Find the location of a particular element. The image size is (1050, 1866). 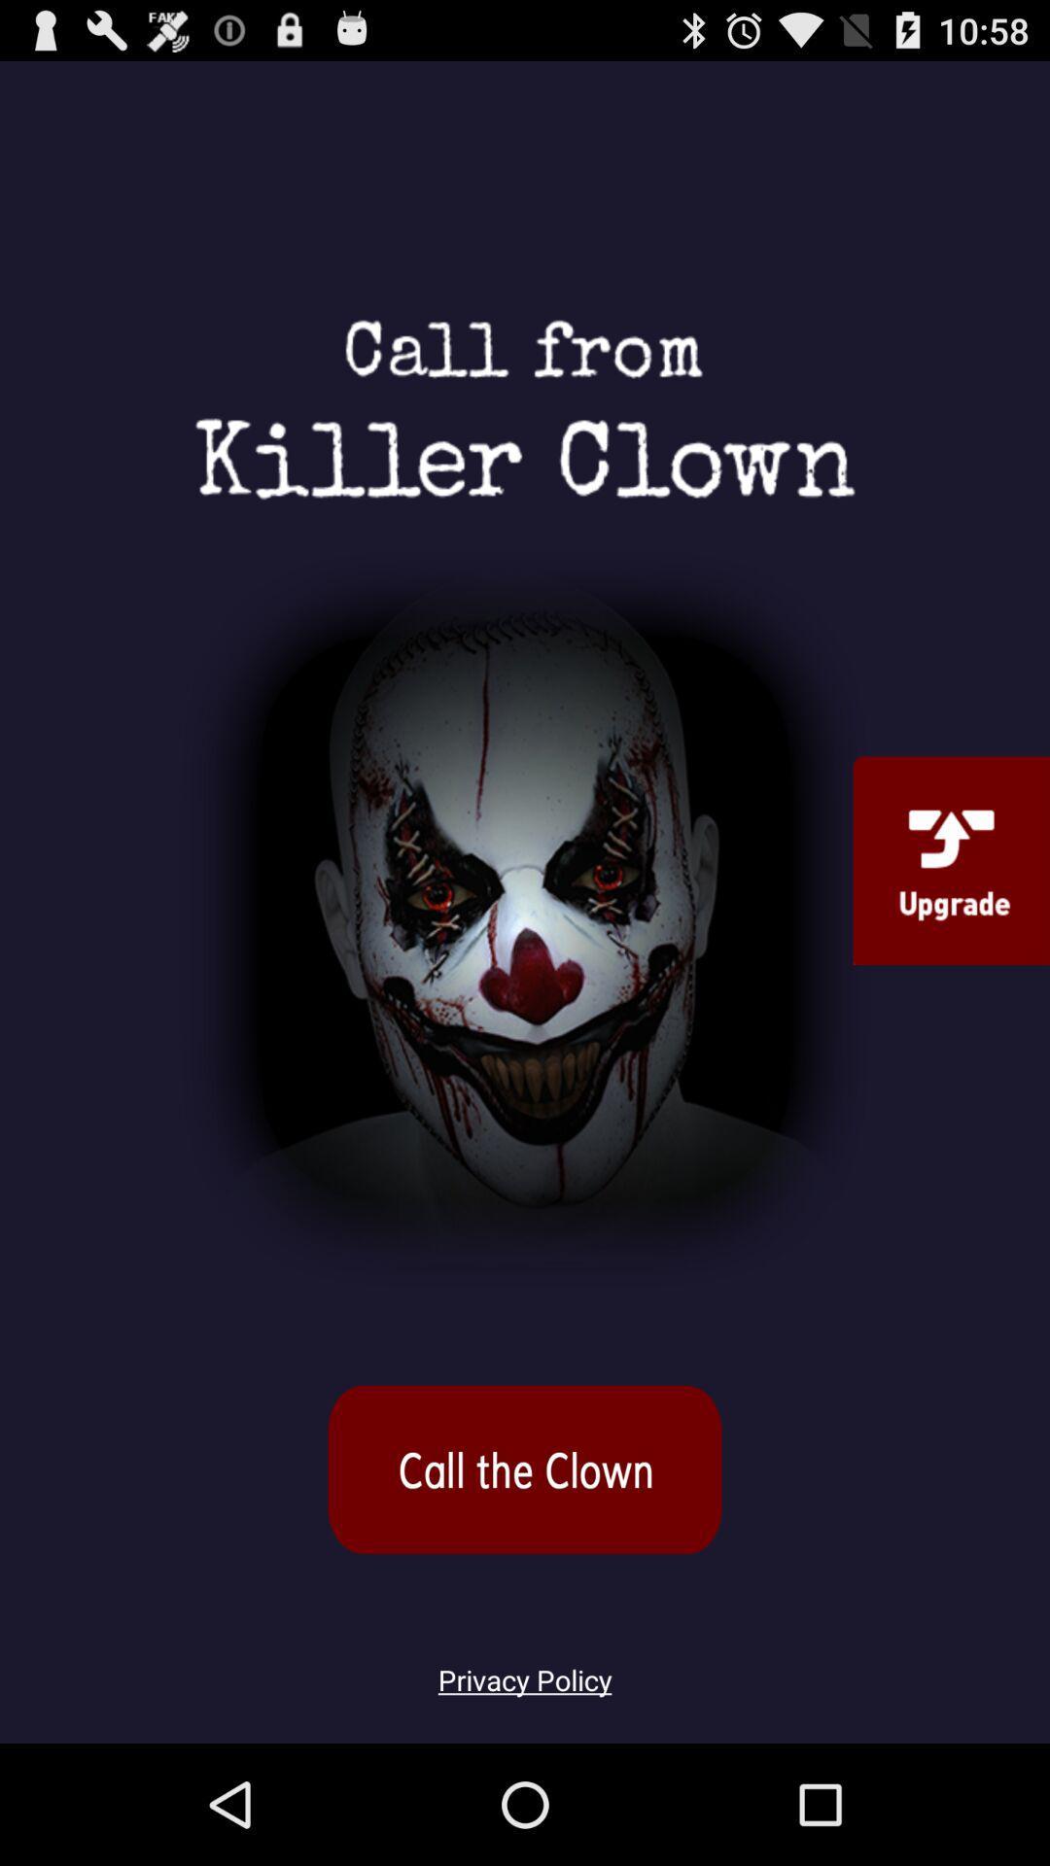

trigger call is located at coordinates (525, 1469).